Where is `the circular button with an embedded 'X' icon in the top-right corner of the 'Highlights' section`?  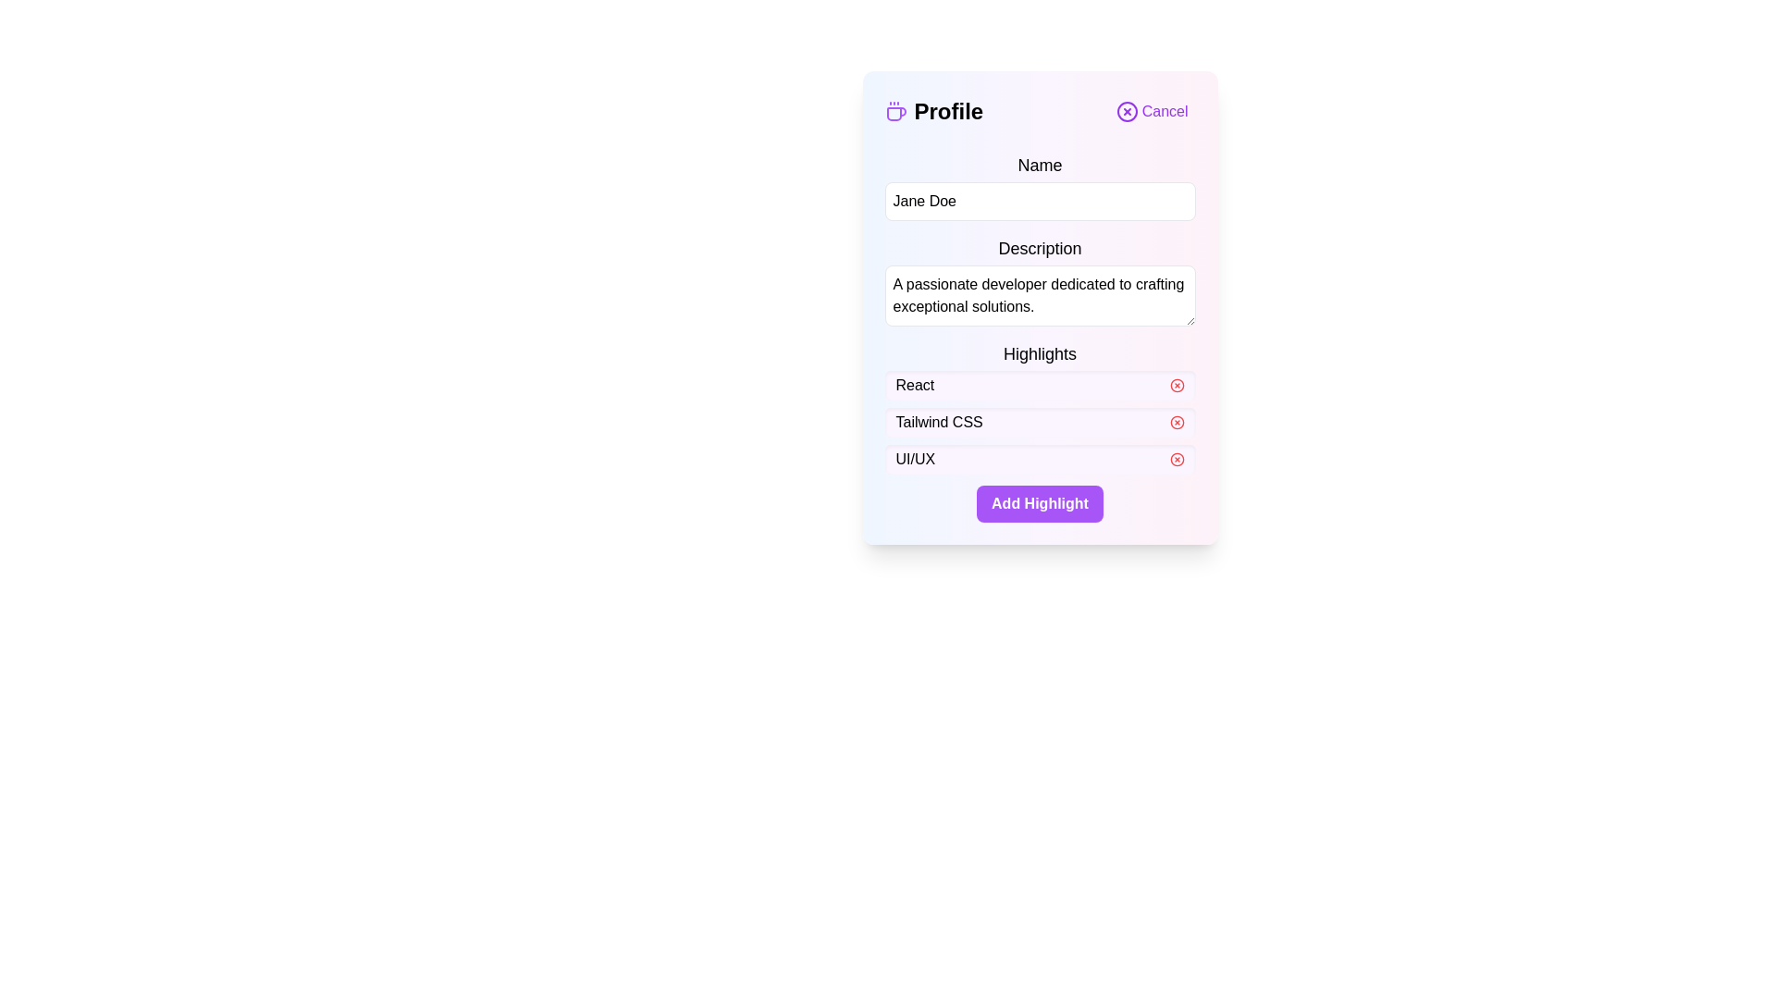
the circular button with an embedded 'X' icon in the top-right corner of the 'Highlights' section is located at coordinates (1176, 384).